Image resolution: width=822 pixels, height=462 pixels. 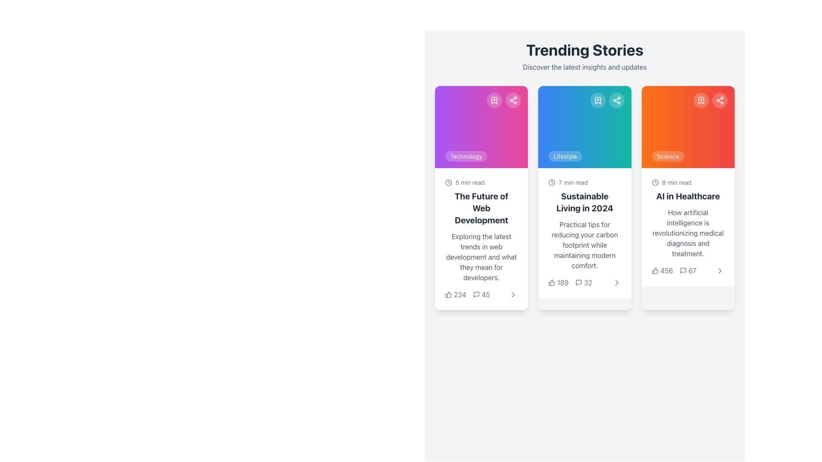 I want to click on the UI label with the comment icon and text '67', which is located in the lower section of the rightmost card under the text '456', so click(x=688, y=270).